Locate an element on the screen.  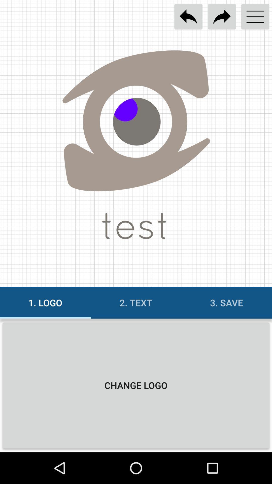
the menu icon is located at coordinates (255, 17).